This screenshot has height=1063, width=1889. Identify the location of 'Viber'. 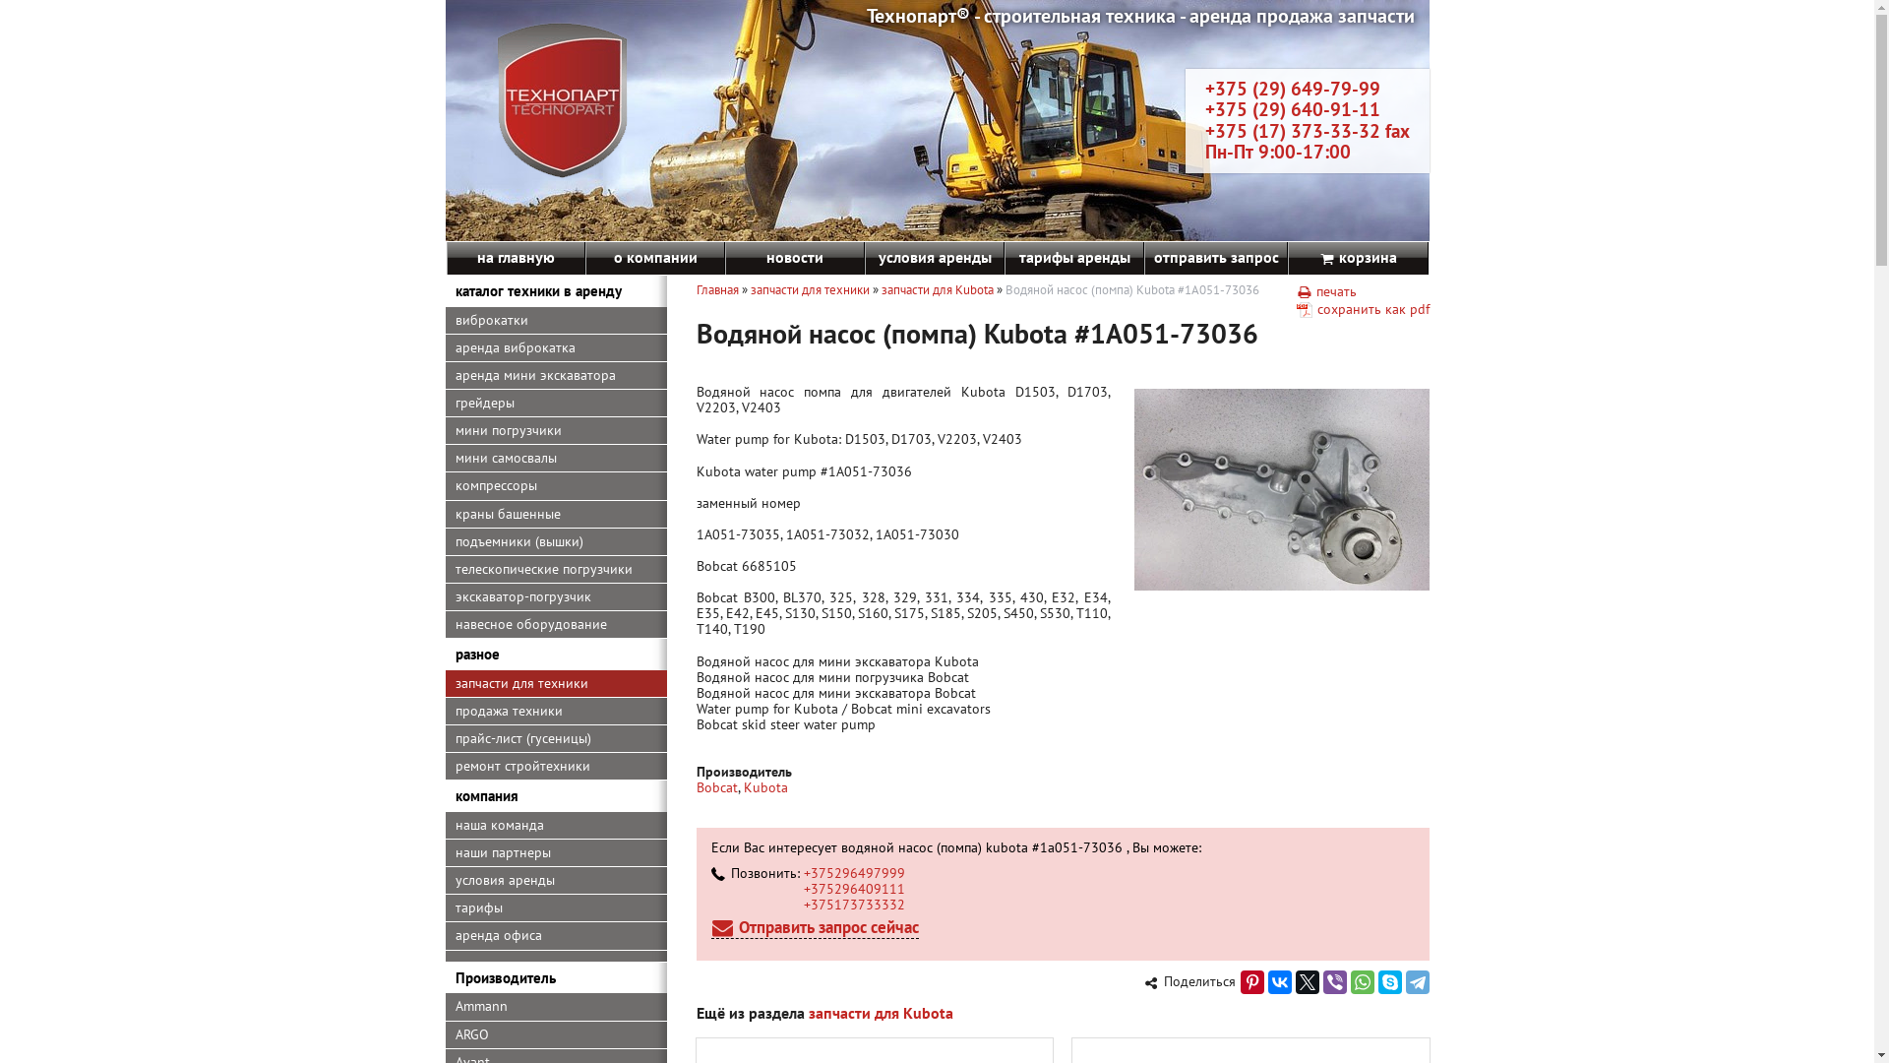
(1322, 982).